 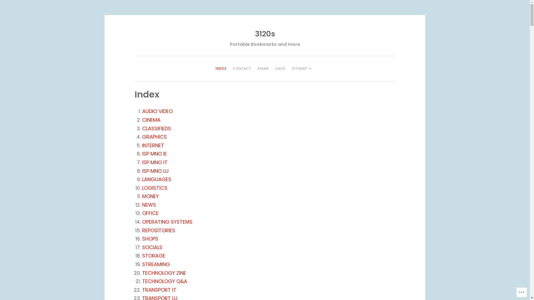 What do you see at coordinates (213, 68) in the screenshot?
I see `'INDEX'` at bounding box center [213, 68].